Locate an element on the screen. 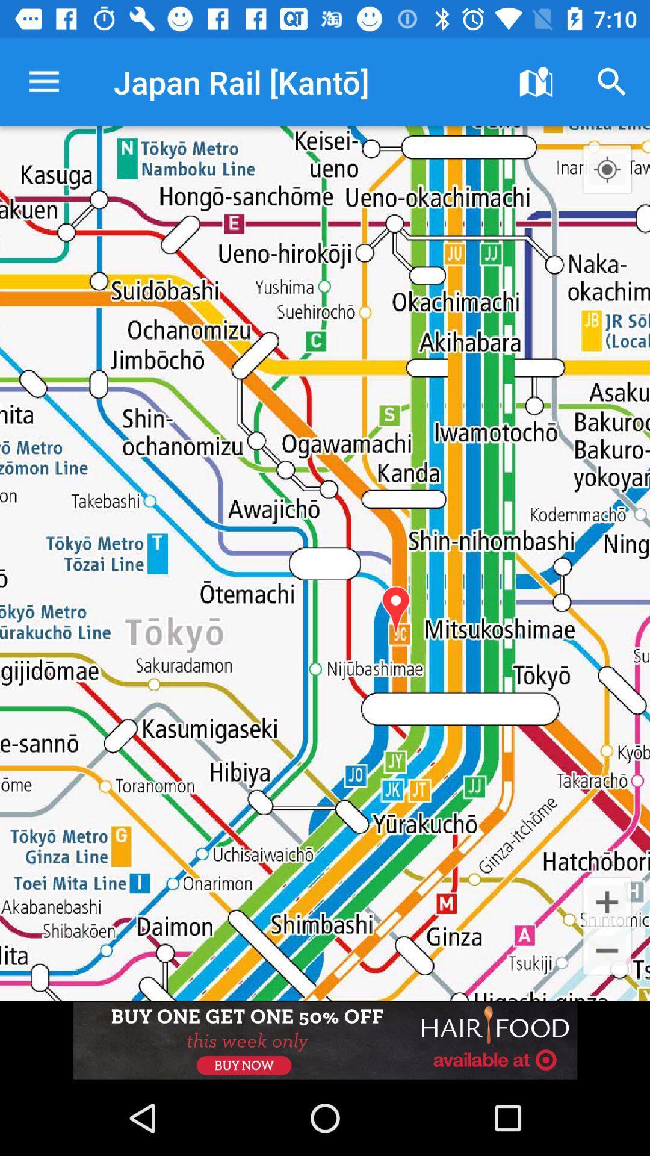 This screenshot has width=650, height=1156. zoomout the page is located at coordinates (607, 950).